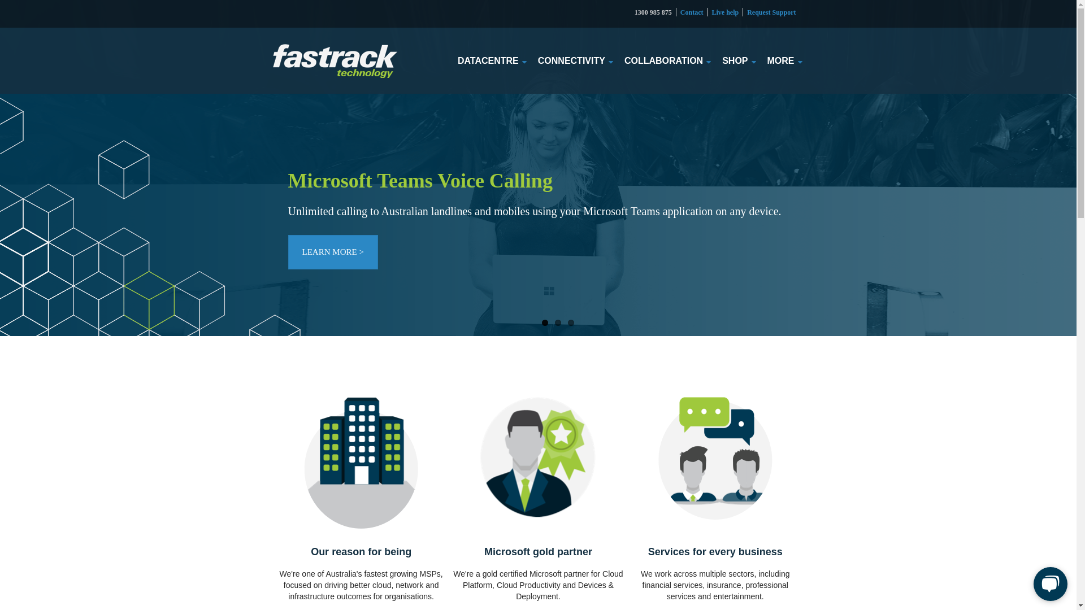 Image resolution: width=1085 pixels, height=610 pixels. I want to click on '1300 985 875', so click(653, 12).